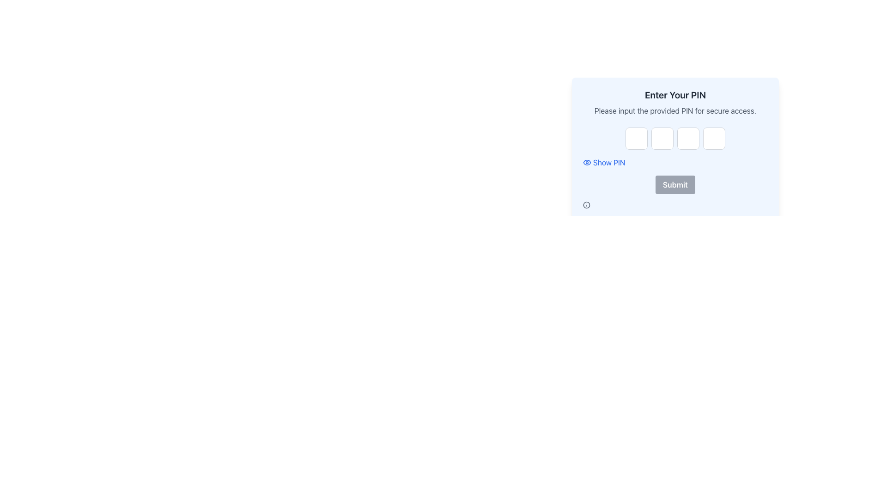 This screenshot has height=499, width=887. I want to click on the input field in the central modal that prompts the user to input a secure PIN code, so click(675, 122).